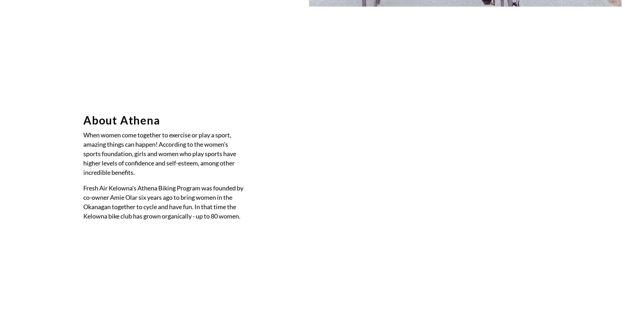  What do you see at coordinates (103, 175) in the screenshot?
I see `'Privacy Policy'` at bounding box center [103, 175].